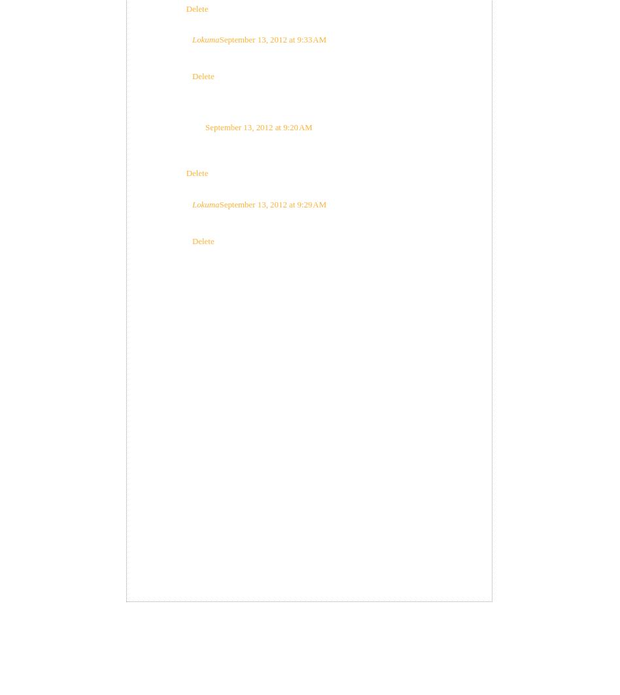 The image size is (620, 695). Describe the element at coordinates (272, 204) in the screenshot. I see `'September 13, 2012 at 9:29 AM'` at that location.